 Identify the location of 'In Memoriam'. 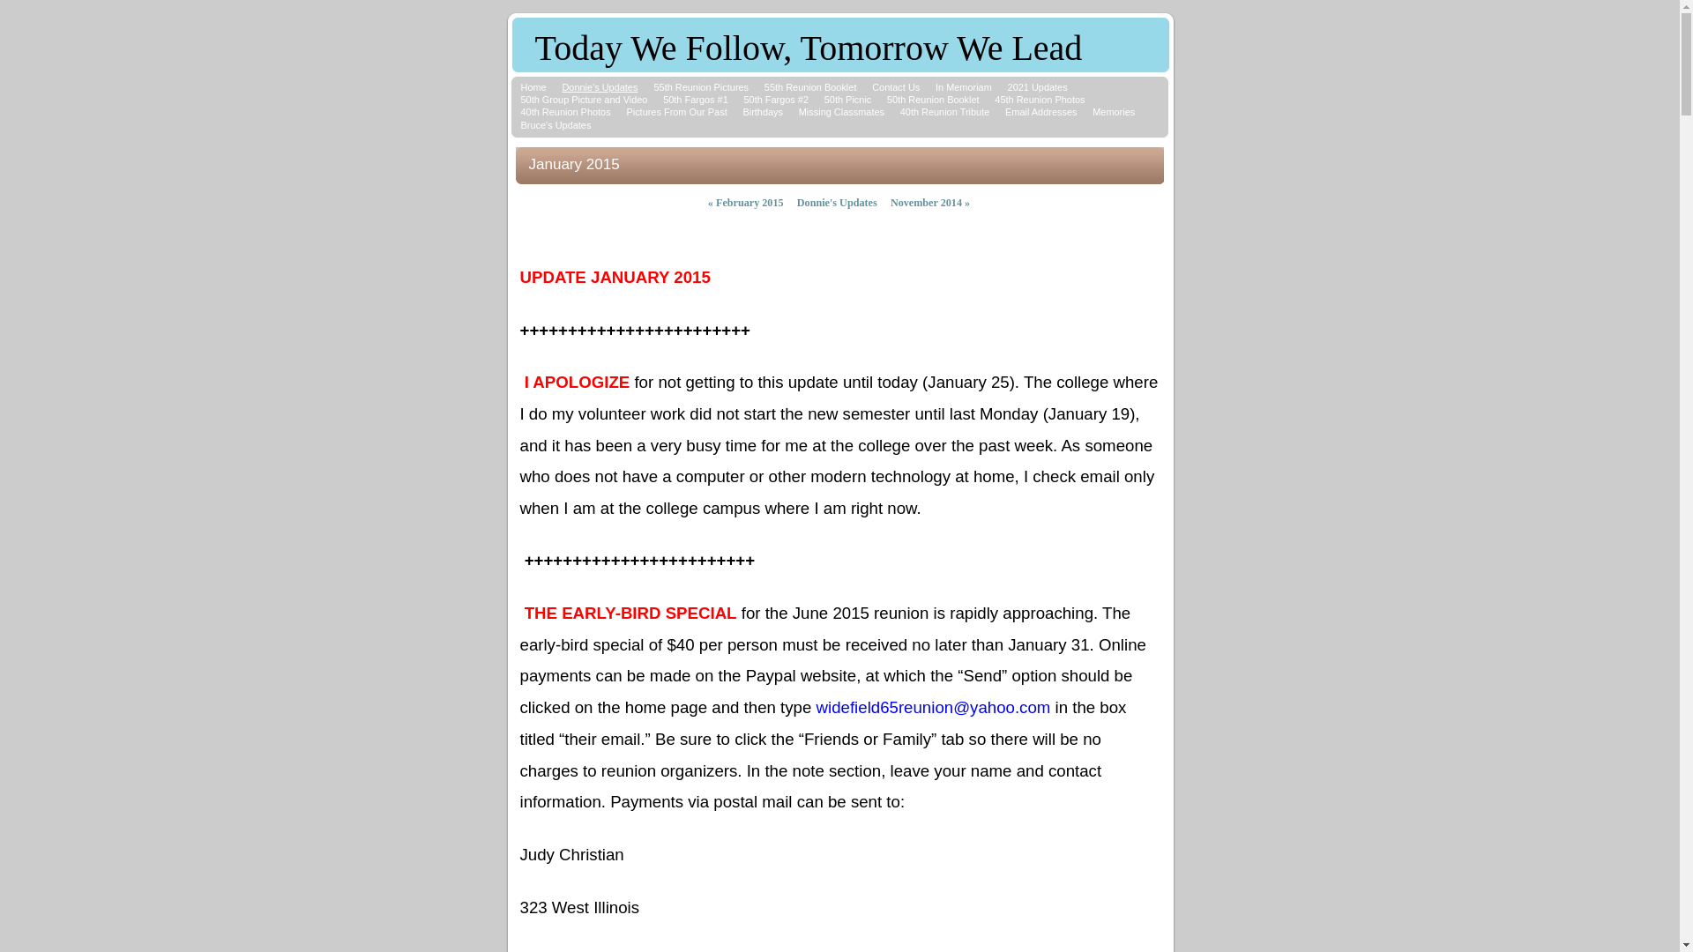
(963, 87).